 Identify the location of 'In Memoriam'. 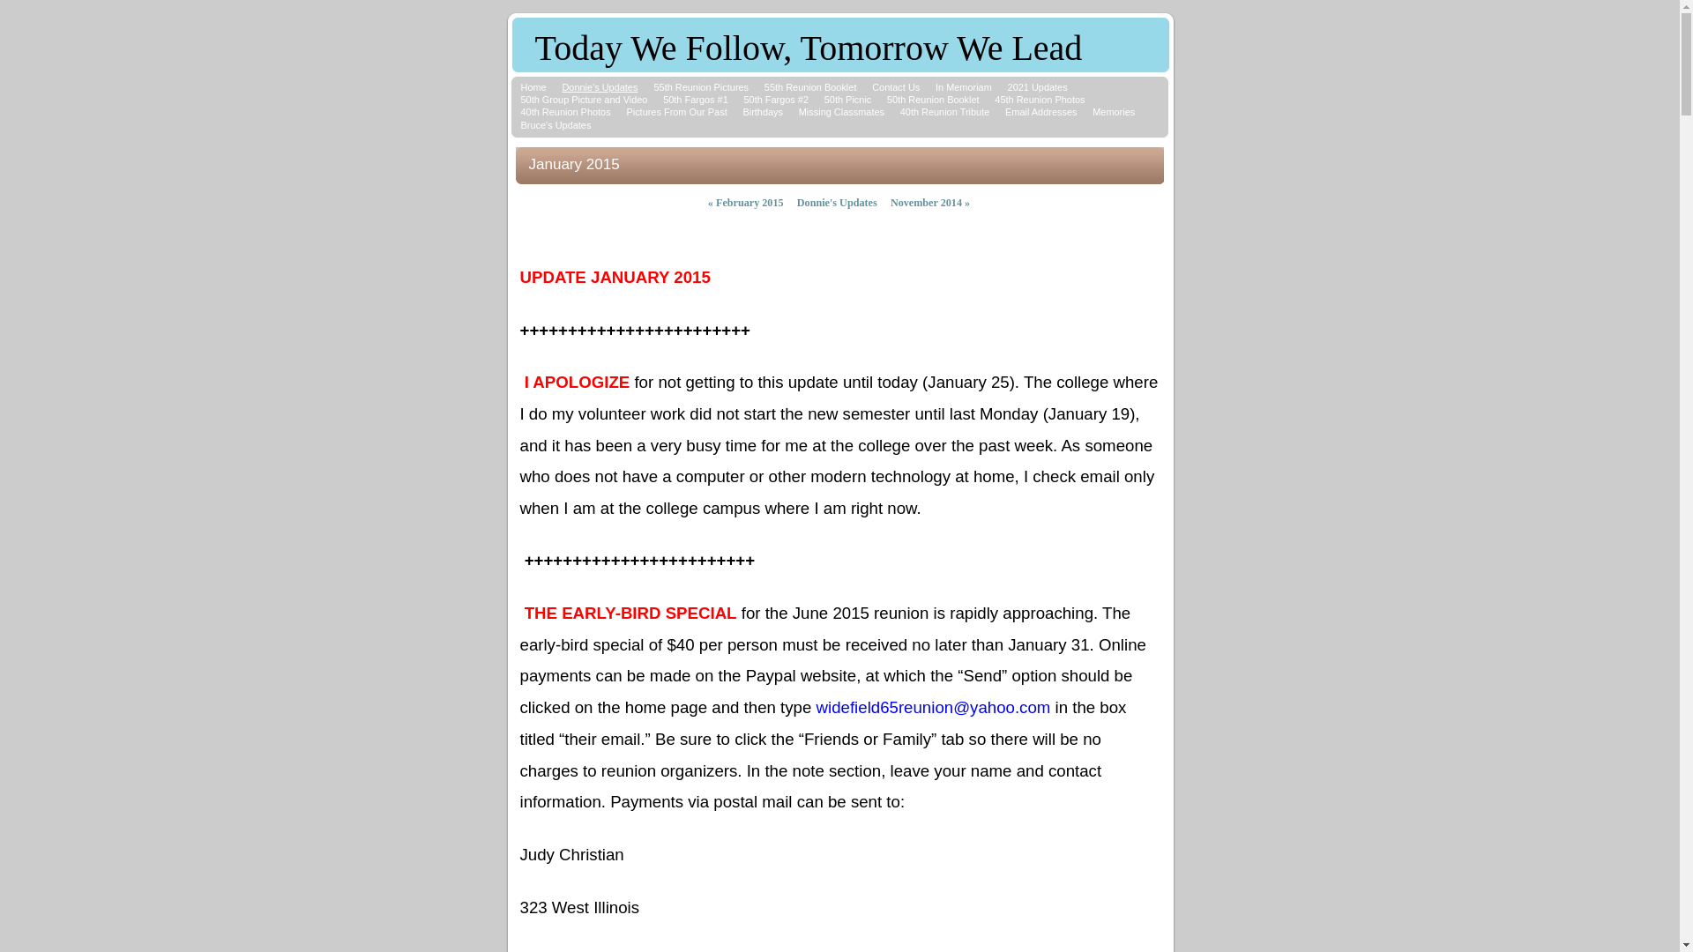
(963, 87).